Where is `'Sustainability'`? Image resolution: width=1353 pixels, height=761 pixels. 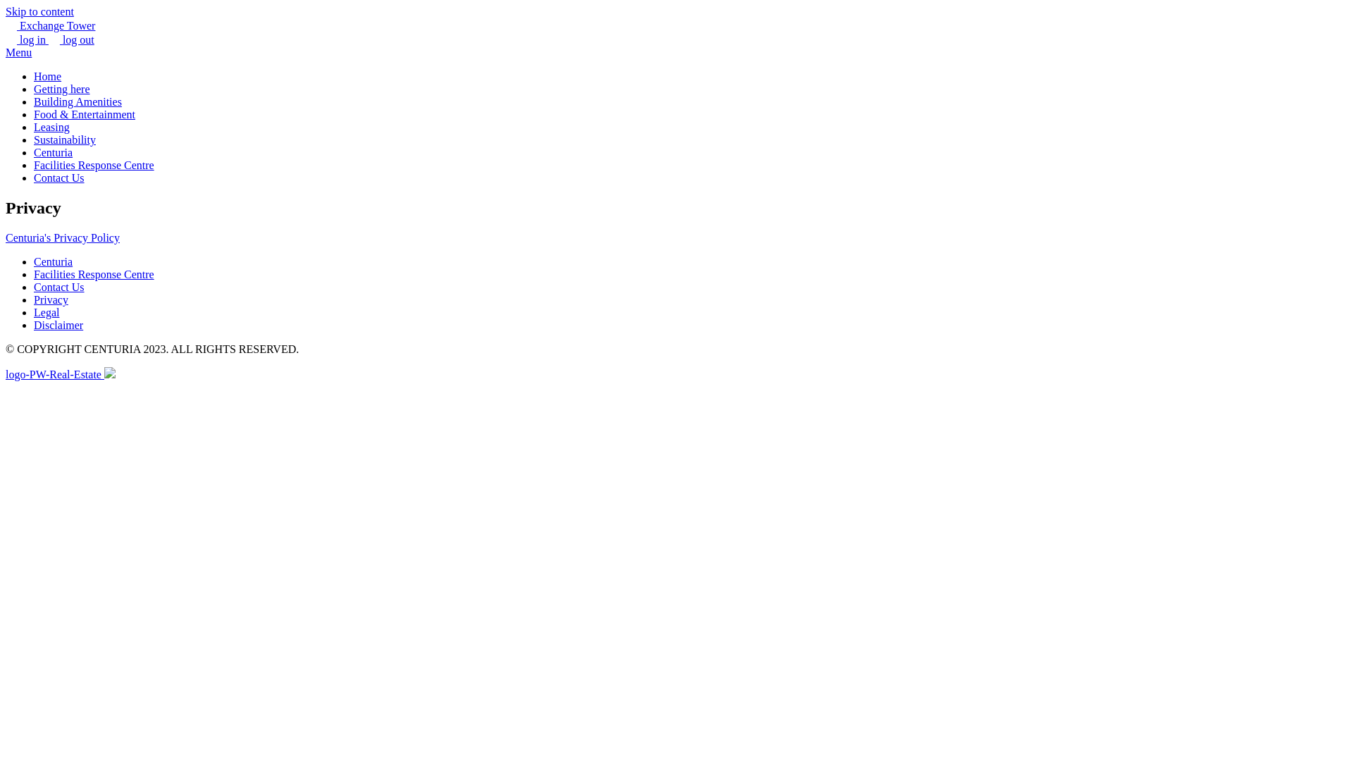 'Sustainability' is located at coordinates (63, 140).